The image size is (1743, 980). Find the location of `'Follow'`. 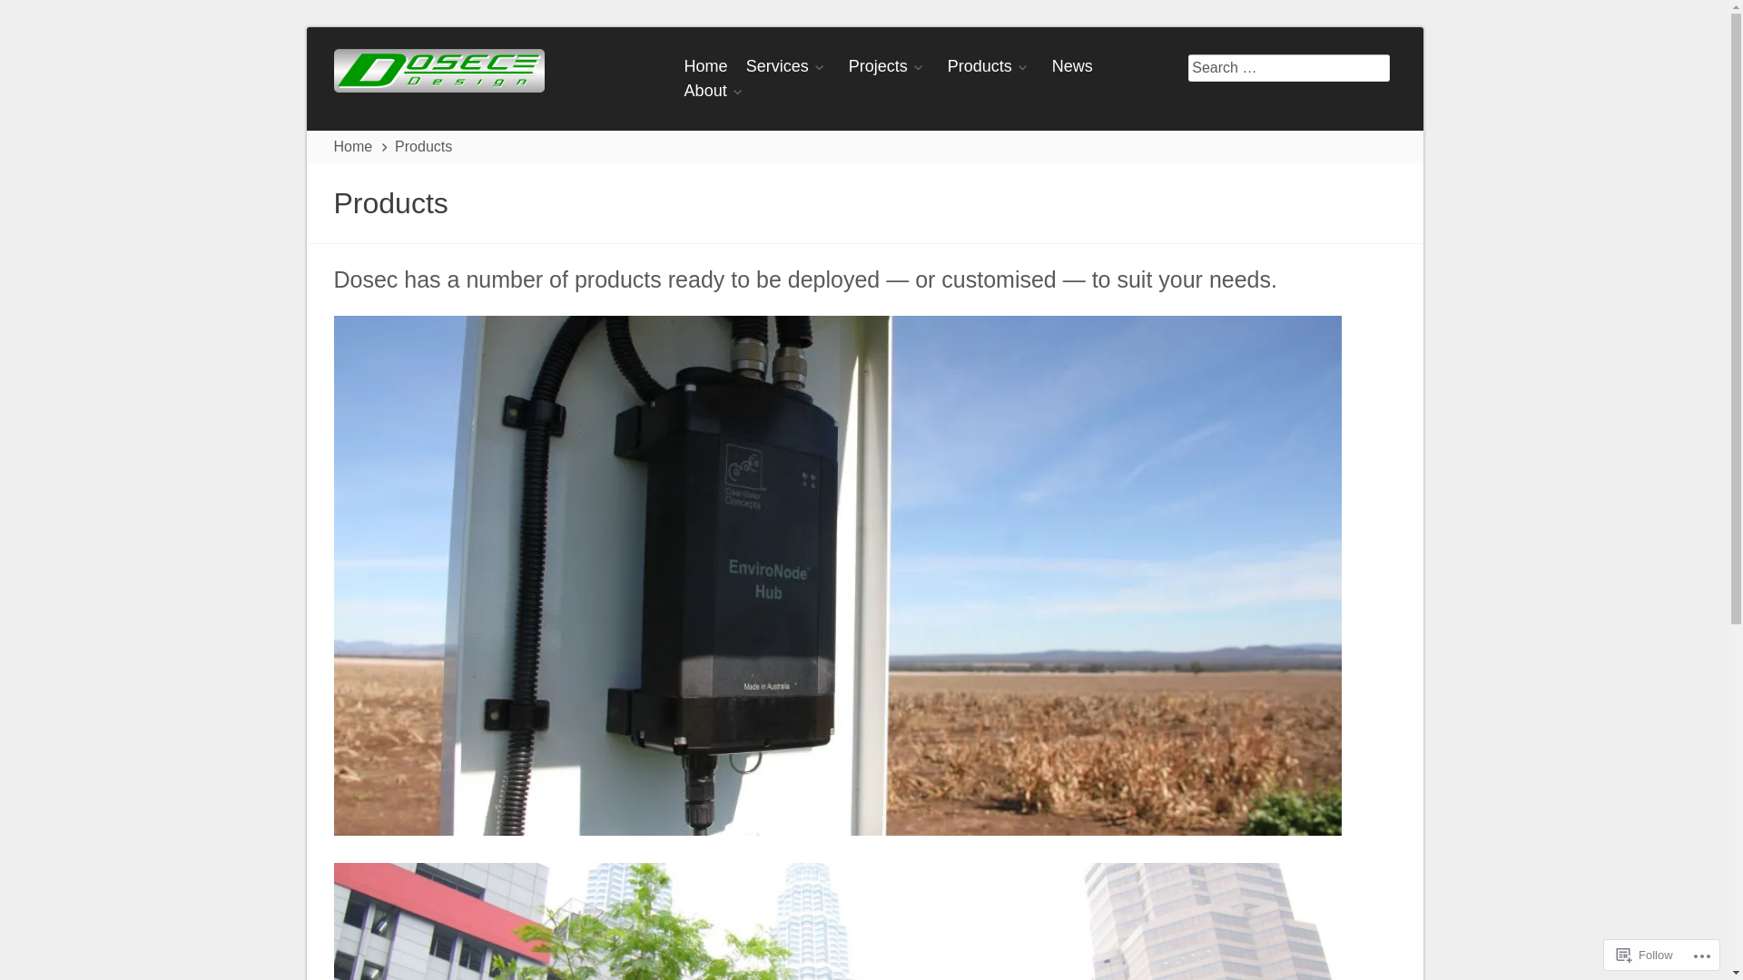

'Follow' is located at coordinates (1609, 954).